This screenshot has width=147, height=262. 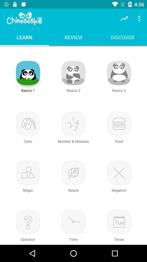 I want to click on icon above the discover, so click(x=124, y=19).